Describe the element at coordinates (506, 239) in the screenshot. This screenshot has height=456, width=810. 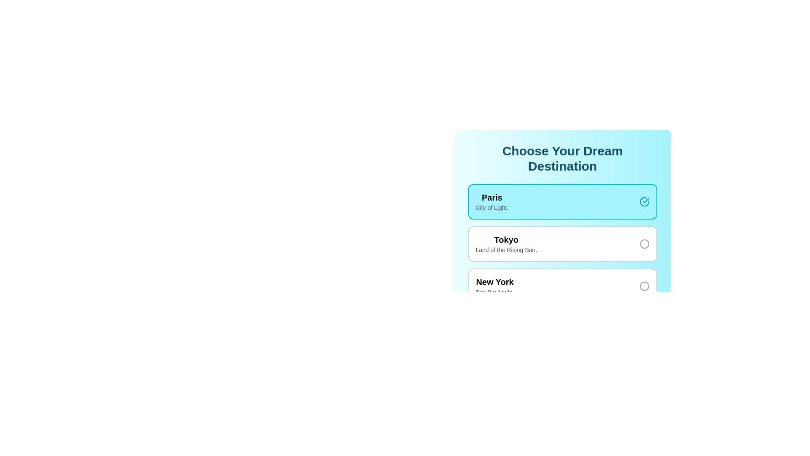
I see `the 'Tokyo' label, which is displayed in a large, bold font` at that location.